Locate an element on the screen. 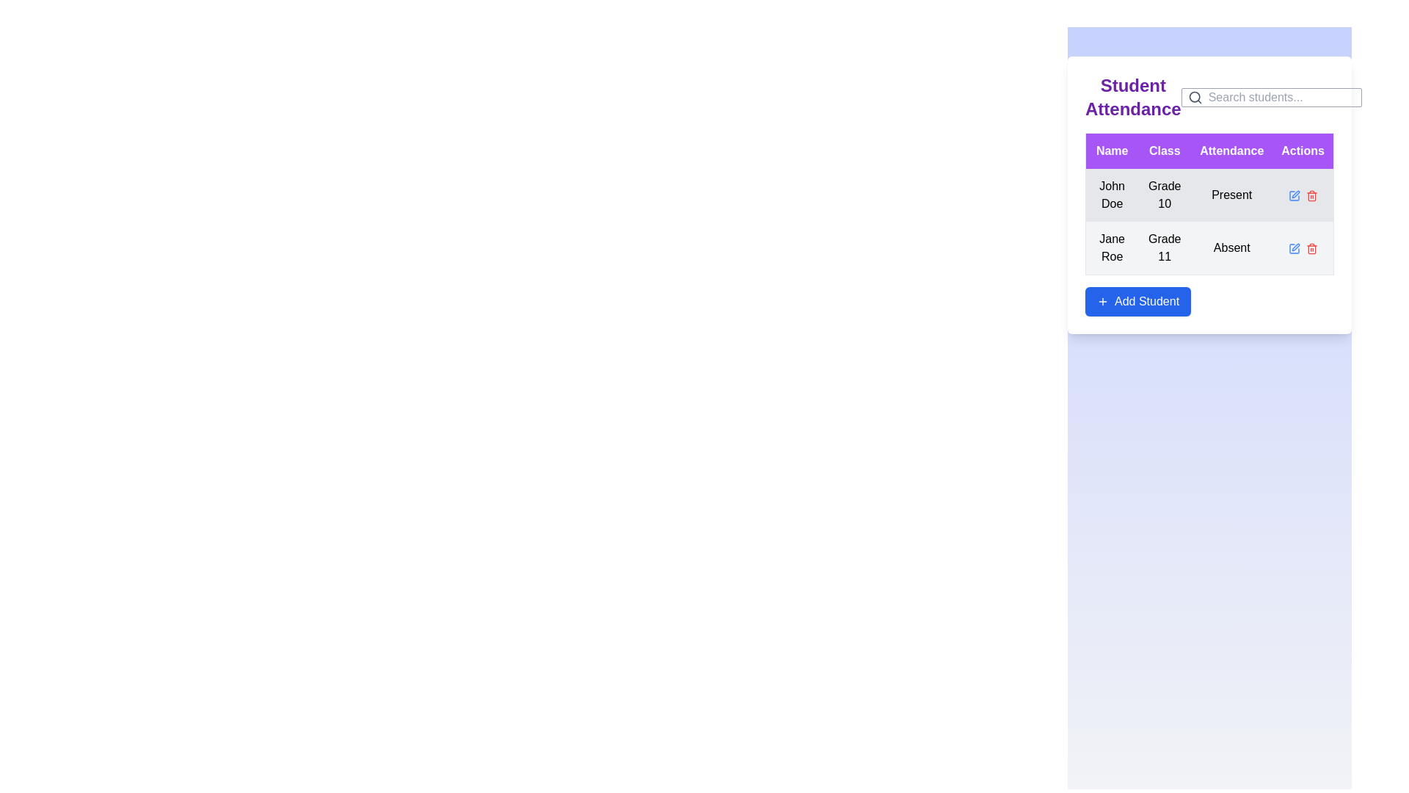  the first graphical icon element in the 'Actions' column of the student table for 'Jane Roe' is located at coordinates (1294, 247).